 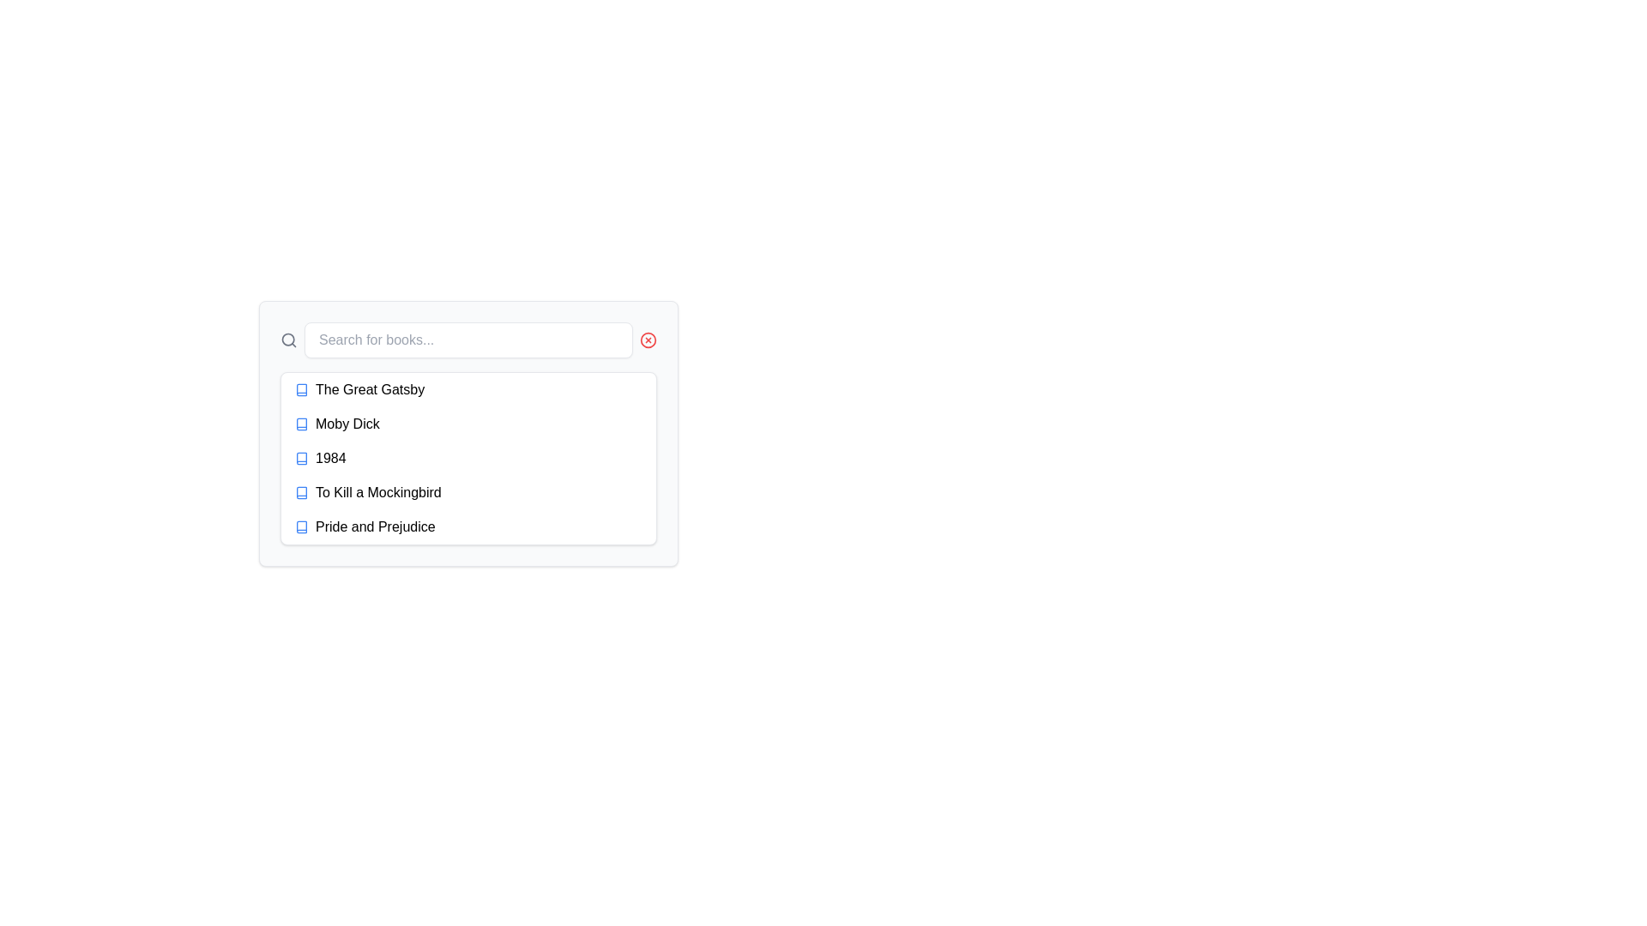 What do you see at coordinates (301, 390) in the screenshot?
I see `the decorative book-related icon located to the left of 'The Great Gatsby' label in the list of books` at bounding box center [301, 390].